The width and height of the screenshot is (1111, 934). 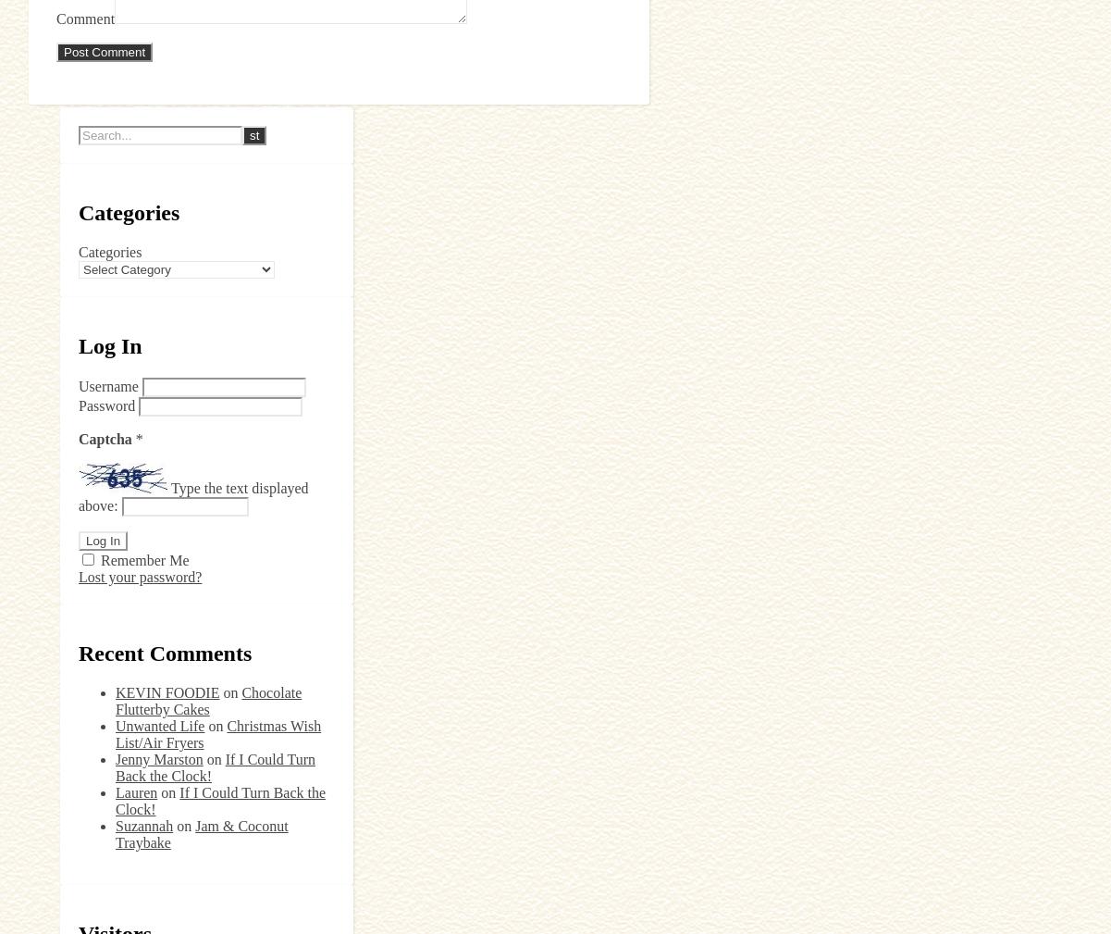 I want to click on 'Recent Comments', so click(x=165, y=652).